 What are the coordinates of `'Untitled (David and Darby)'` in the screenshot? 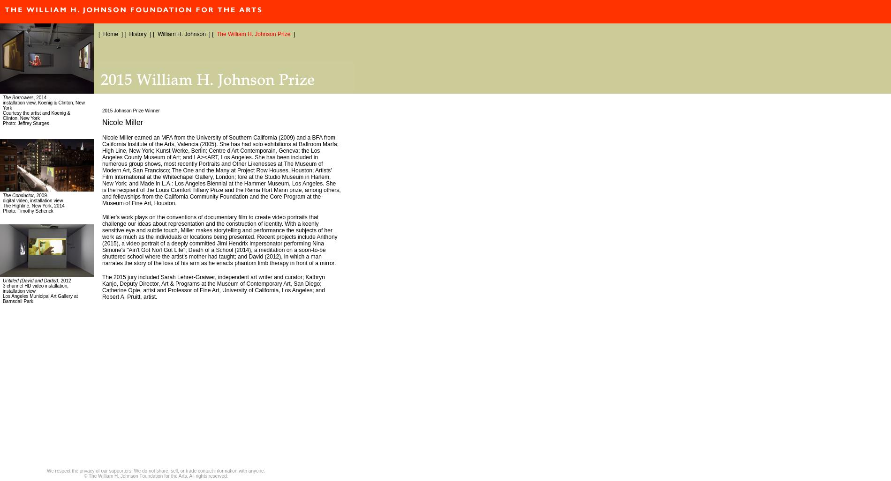 It's located at (3, 281).